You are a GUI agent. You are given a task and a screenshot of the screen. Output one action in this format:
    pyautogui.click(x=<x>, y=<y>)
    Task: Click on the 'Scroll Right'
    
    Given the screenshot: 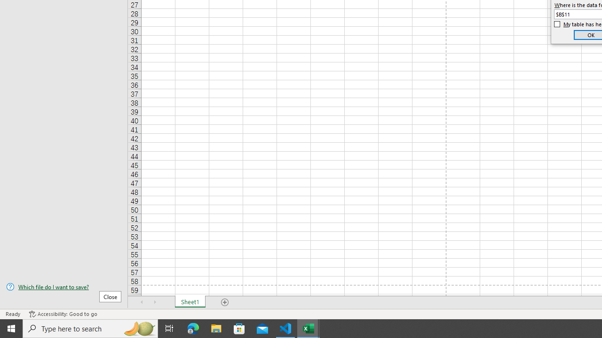 What is the action you would take?
    pyautogui.click(x=155, y=302)
    